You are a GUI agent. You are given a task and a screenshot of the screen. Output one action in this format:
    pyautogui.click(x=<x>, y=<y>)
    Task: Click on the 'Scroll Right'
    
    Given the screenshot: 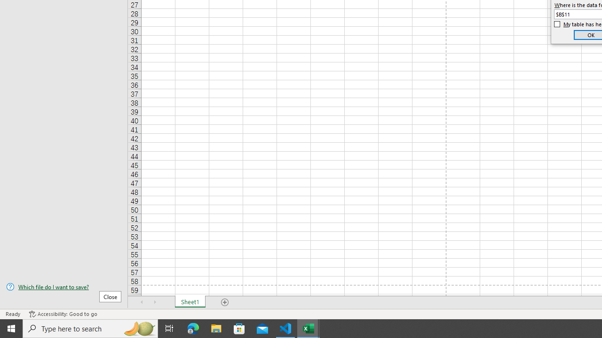 What is the action you would take?
    pyautogui.click(x=155, y=302)
    